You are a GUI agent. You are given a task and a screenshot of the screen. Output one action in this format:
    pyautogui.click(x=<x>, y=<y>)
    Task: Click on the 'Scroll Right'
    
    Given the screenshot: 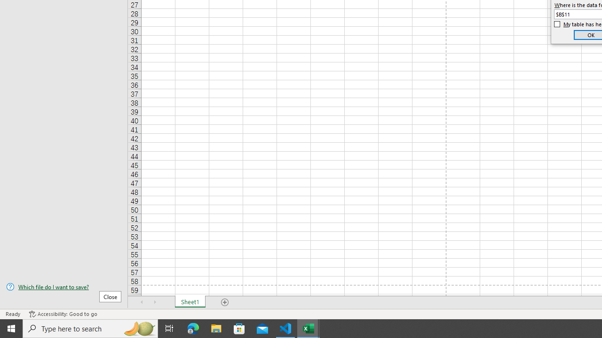 What is the action you would take?
    pyautogui.click(x=155, y=302)
    